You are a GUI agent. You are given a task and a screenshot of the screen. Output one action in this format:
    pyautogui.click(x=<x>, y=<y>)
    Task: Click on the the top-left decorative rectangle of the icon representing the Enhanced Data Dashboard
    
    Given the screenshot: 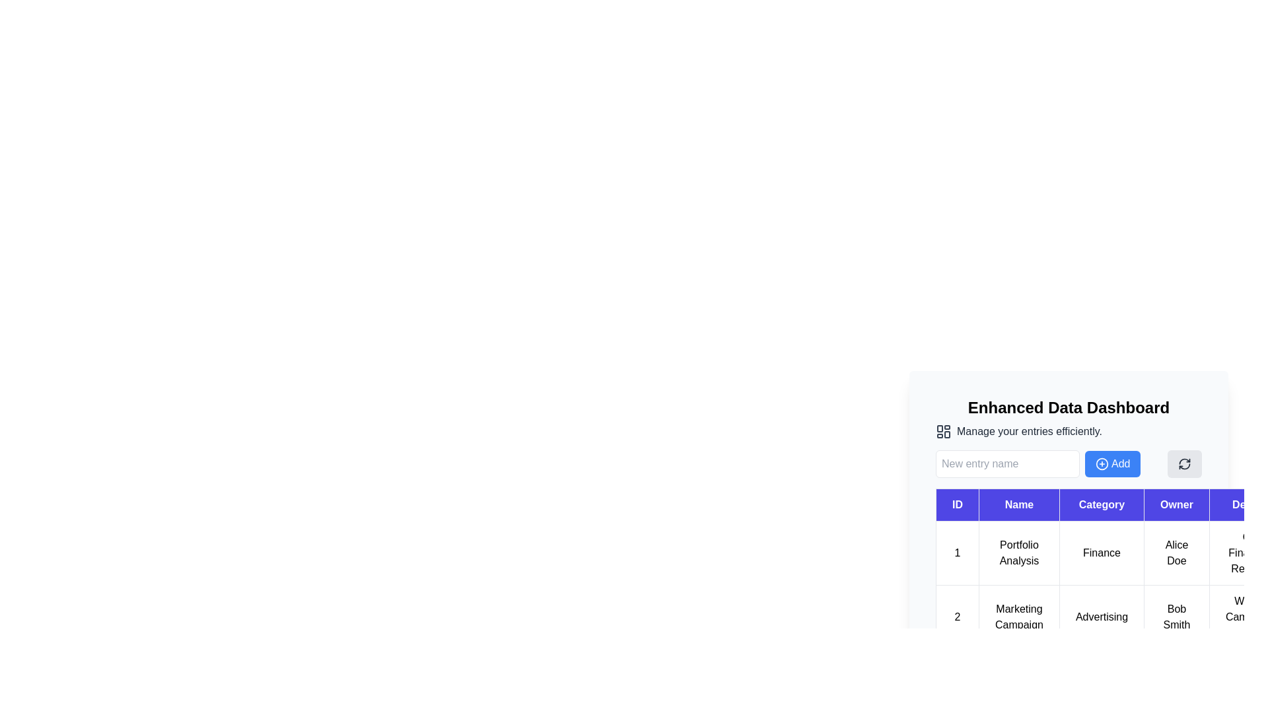 What is the action you would take?
    pyautogui.click(x=939, y=428)
    